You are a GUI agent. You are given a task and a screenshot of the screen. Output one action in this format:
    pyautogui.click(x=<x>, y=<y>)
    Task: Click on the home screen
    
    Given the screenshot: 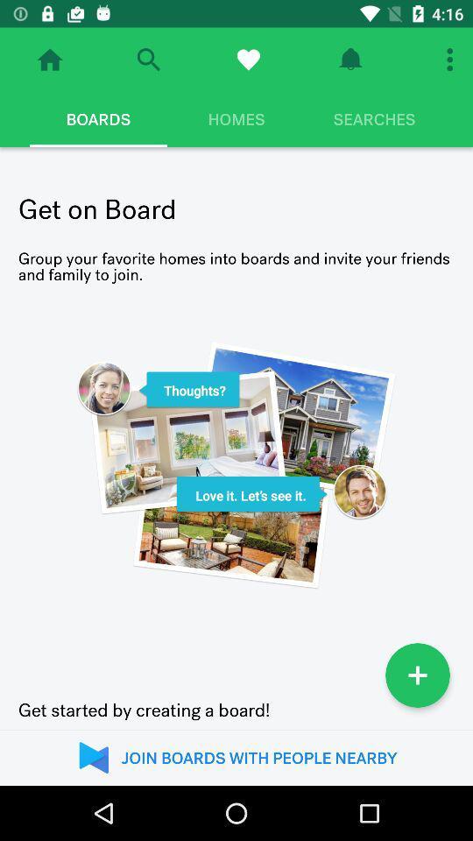 What is the action you would take?
    pyautogui.click(x=50, y=60)
    